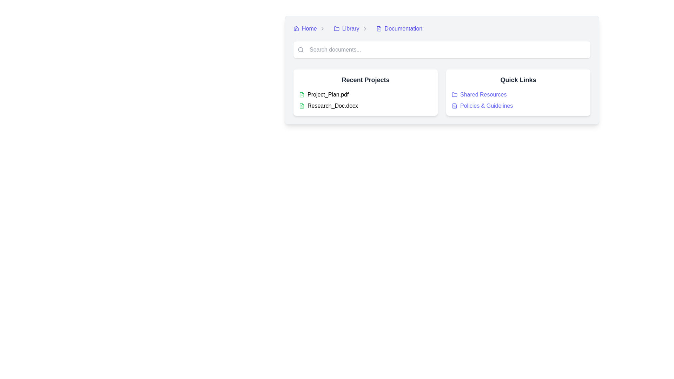 Image resolution: width=674 pixels, height=379 pixels. What do you see at coordinates (310, 28) in the screenshot?
I see `the 'Home' breadcrumb navigation link, which features a house icon and is positioned at the top-left corner of the breadcrumb navigation bar` at bounding box center [310, 28].